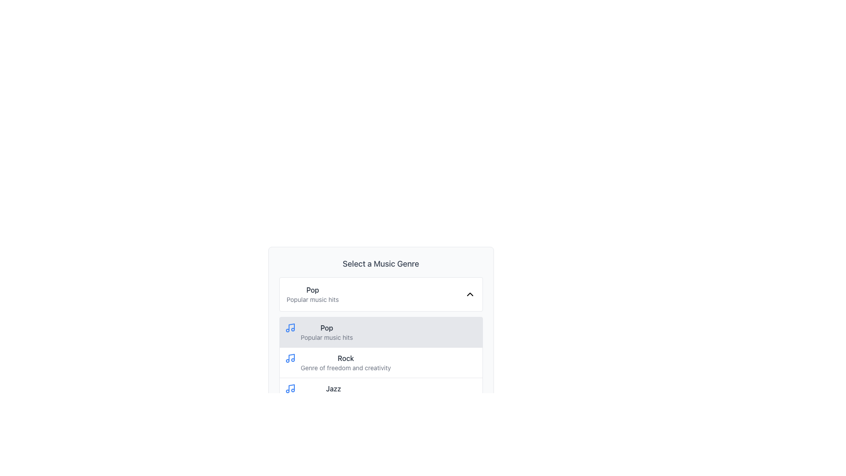 The height and width of the screenshot is (476, 846). Describe the element at coordinates (326, 332) in the screenshot. I see `the second entry in the list of music genres, which is labeled 'Popular music hits' and has a blue musical note icon to its left` at that location.